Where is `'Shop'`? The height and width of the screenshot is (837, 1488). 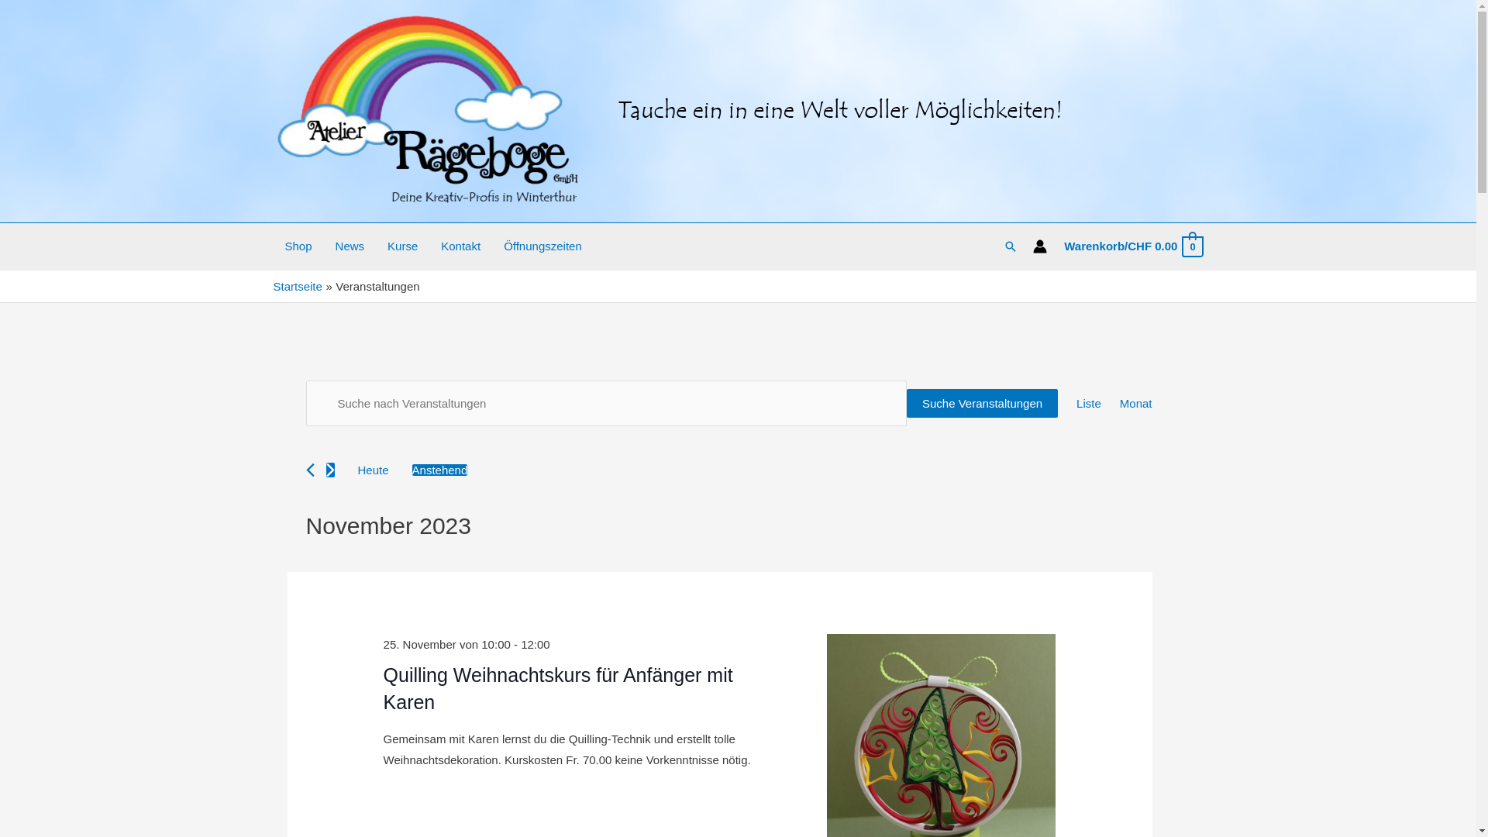 'Shop' is located at coordinates (298, 245).